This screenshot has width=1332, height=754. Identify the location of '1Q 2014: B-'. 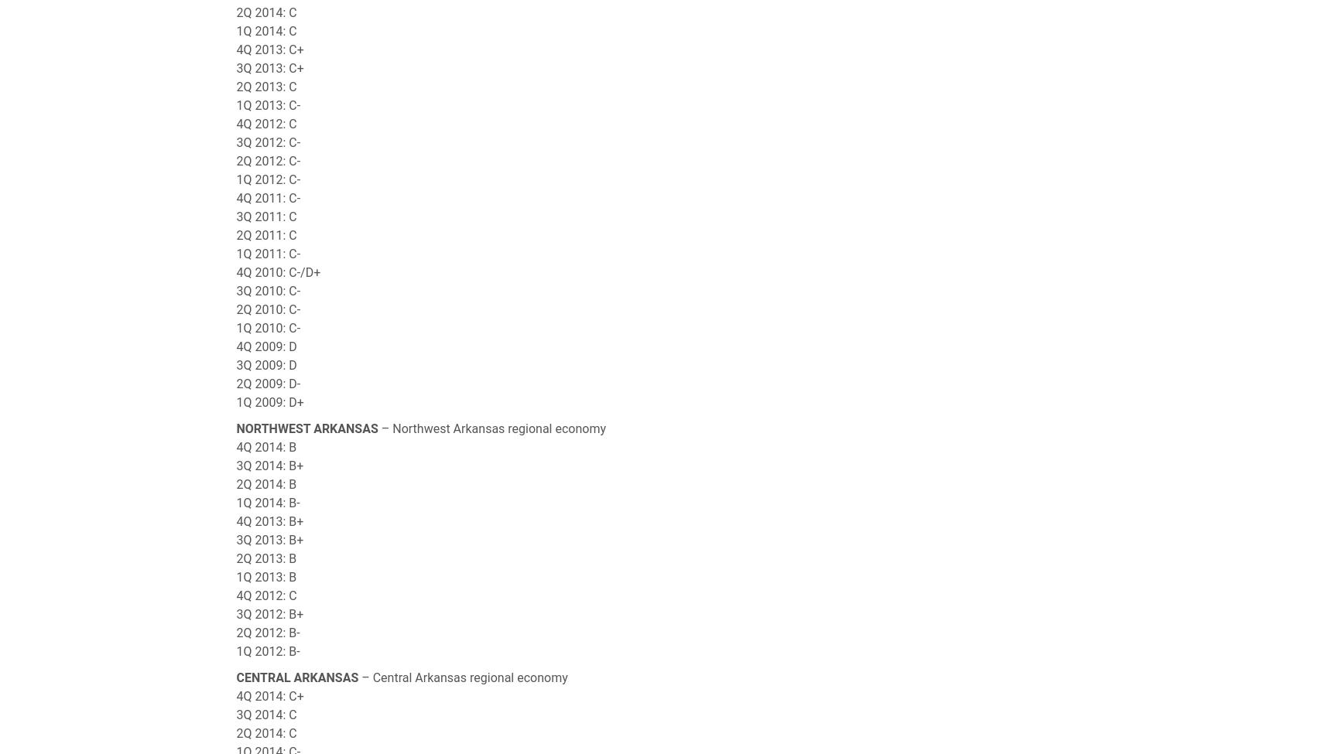
(267, 503).